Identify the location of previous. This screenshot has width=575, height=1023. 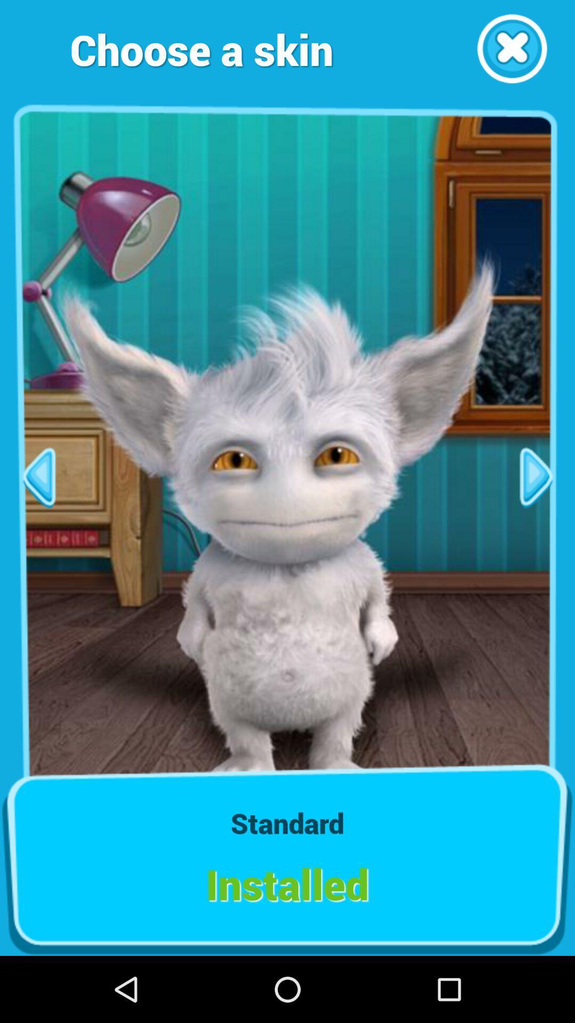
(38, 477).